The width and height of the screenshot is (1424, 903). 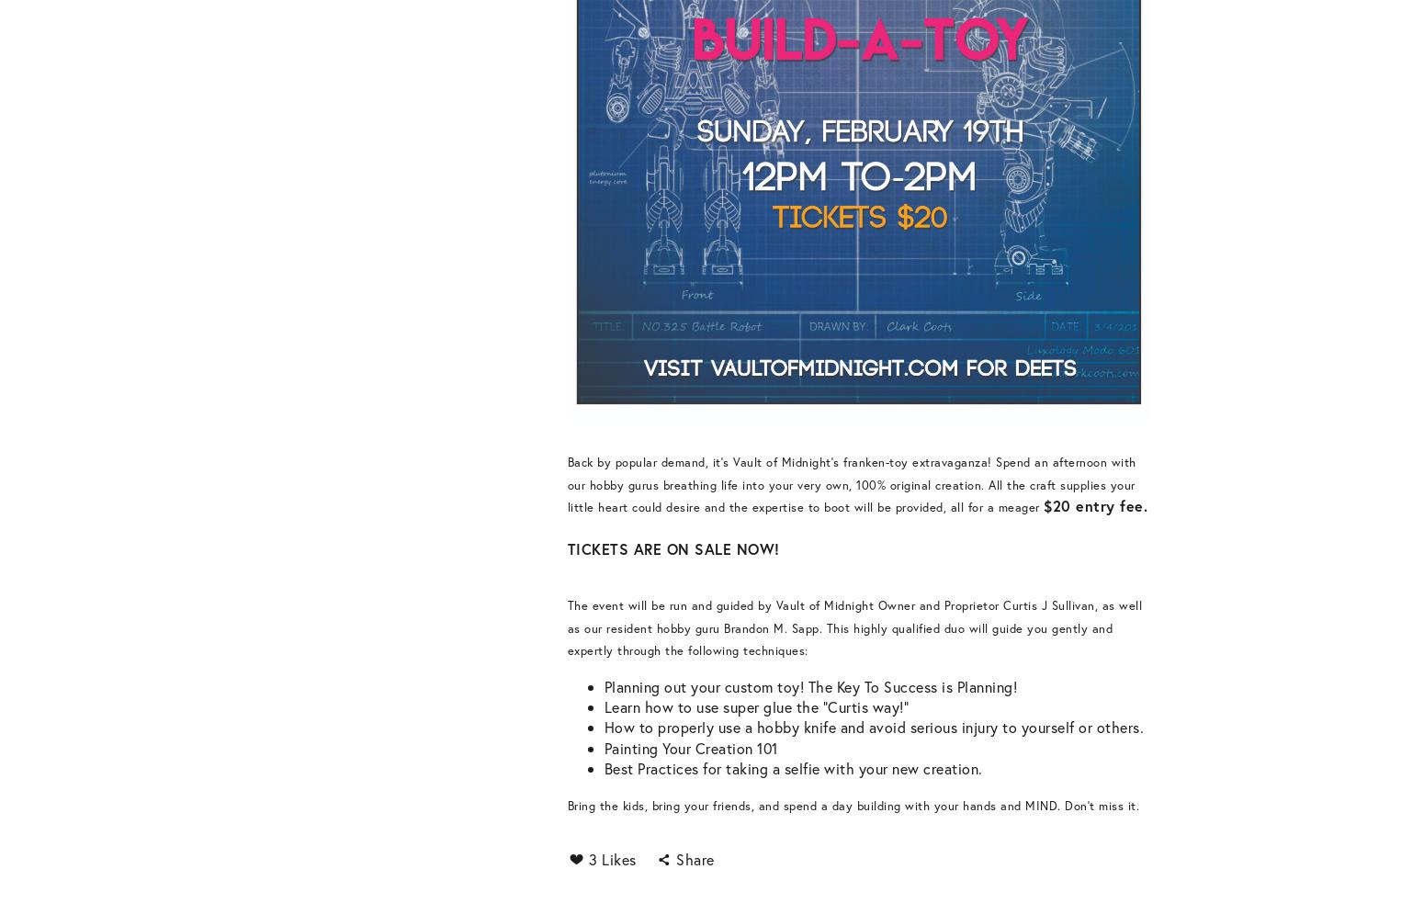 I want to click on 'The event will be run and guided by Vault of Midnight Owner and Proprietor Curtis J Sullivan, as well as our resident hobby guru Brandon M. Sapp. This highly qualified duo will guide you gently and expertly through the following techniques:', so click(x=854, y=626).